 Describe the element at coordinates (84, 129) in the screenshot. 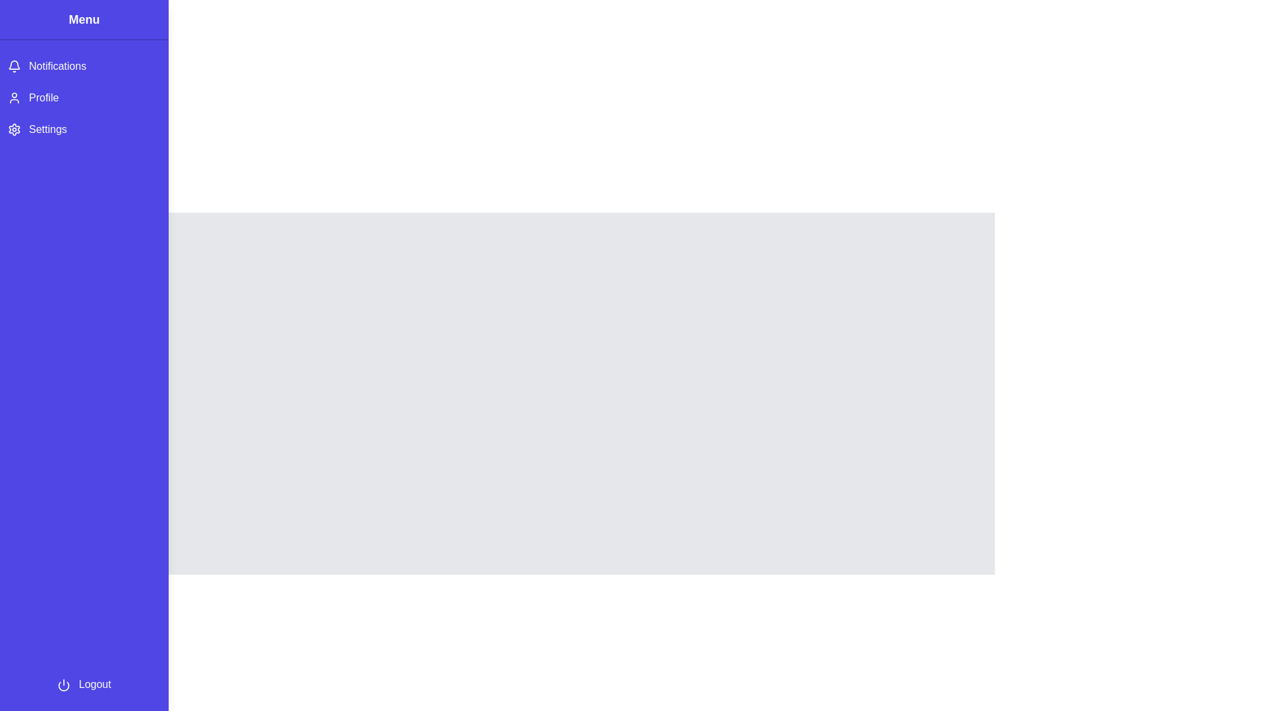

I see `the 'Settings' menu item to navigate to the settings page` at that location.